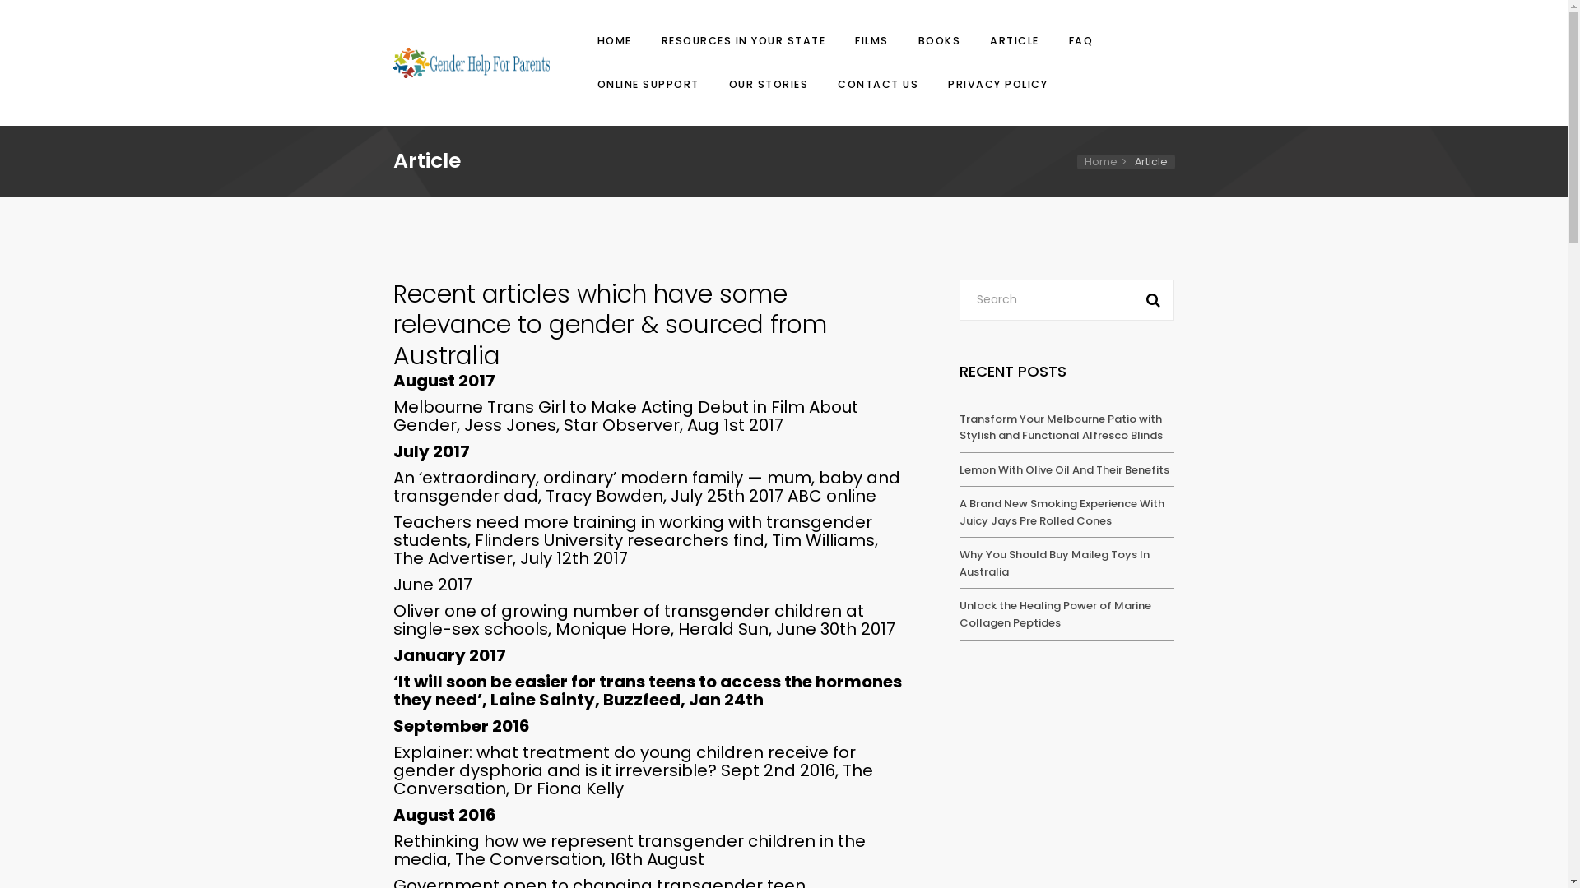 This screenshot has height=888, width=1580. What do you see at coordinates (1108, 161) in the screenshot?
I see `'Home'` at bounding box center [1108, 161].